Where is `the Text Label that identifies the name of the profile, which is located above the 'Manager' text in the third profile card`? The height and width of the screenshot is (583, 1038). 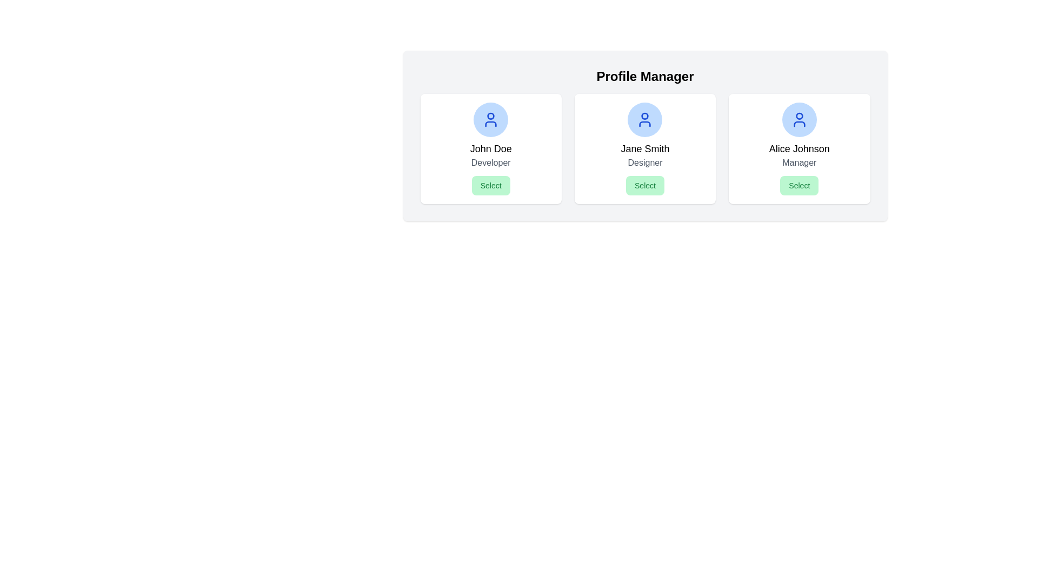 the Text Label that identifies the name of the profile, which is located above the 'Manager' text in the third profile card is located at coordinates (799, 149).